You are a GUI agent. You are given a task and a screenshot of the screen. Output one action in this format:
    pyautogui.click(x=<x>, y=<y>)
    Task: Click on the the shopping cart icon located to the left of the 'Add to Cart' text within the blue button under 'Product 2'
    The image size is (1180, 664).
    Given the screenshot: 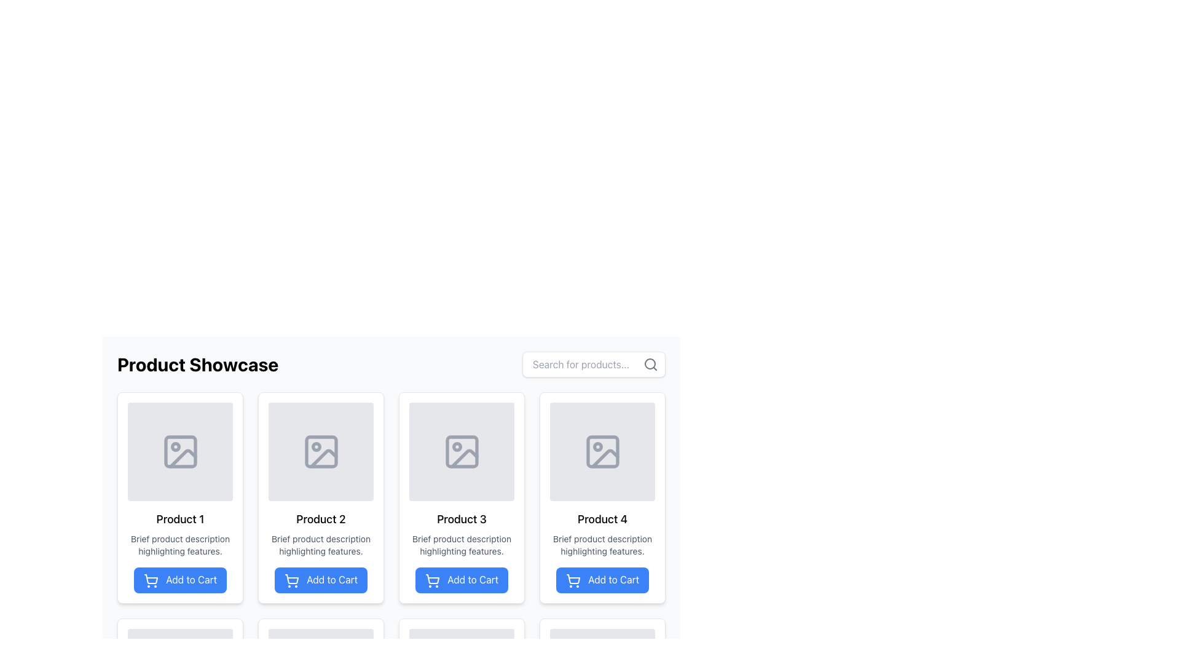 What is the action you would take?
    pyautogui.click(x=291, y=580)
    